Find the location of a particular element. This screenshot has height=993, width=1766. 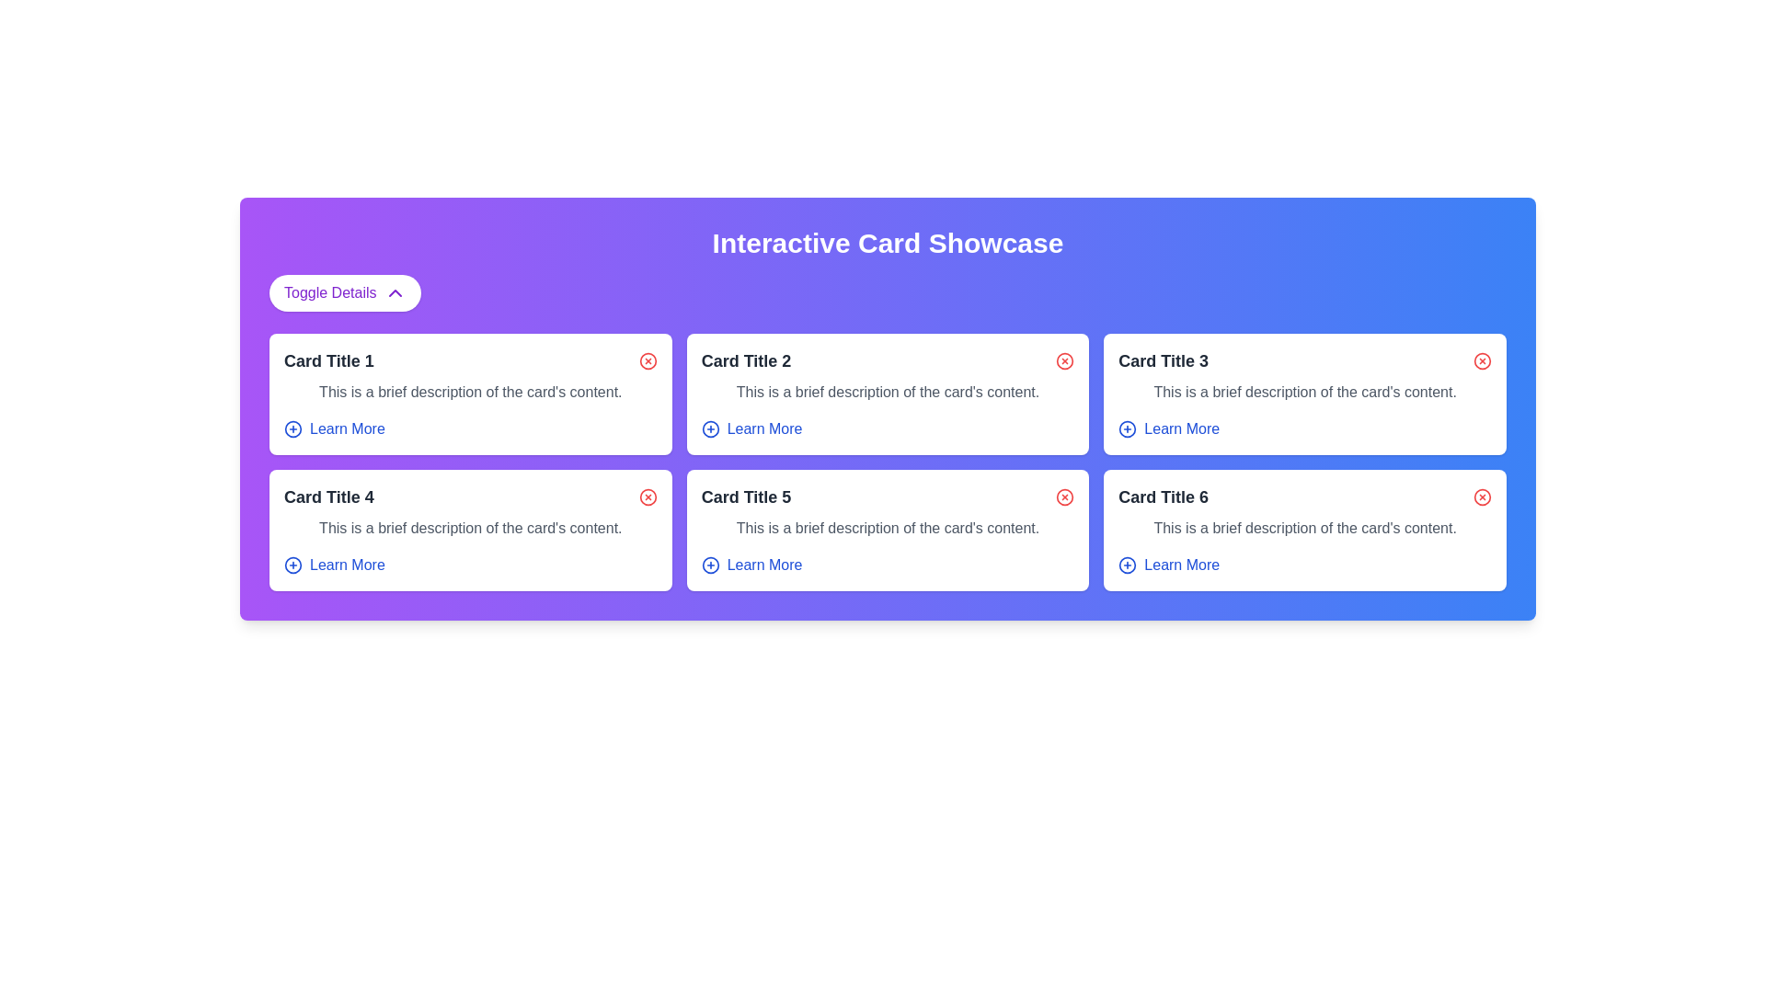

descriptive text located in the lower half of the 'Card Title 4' card, which provides additional details about its content or context is located at coordinates (470, 528).